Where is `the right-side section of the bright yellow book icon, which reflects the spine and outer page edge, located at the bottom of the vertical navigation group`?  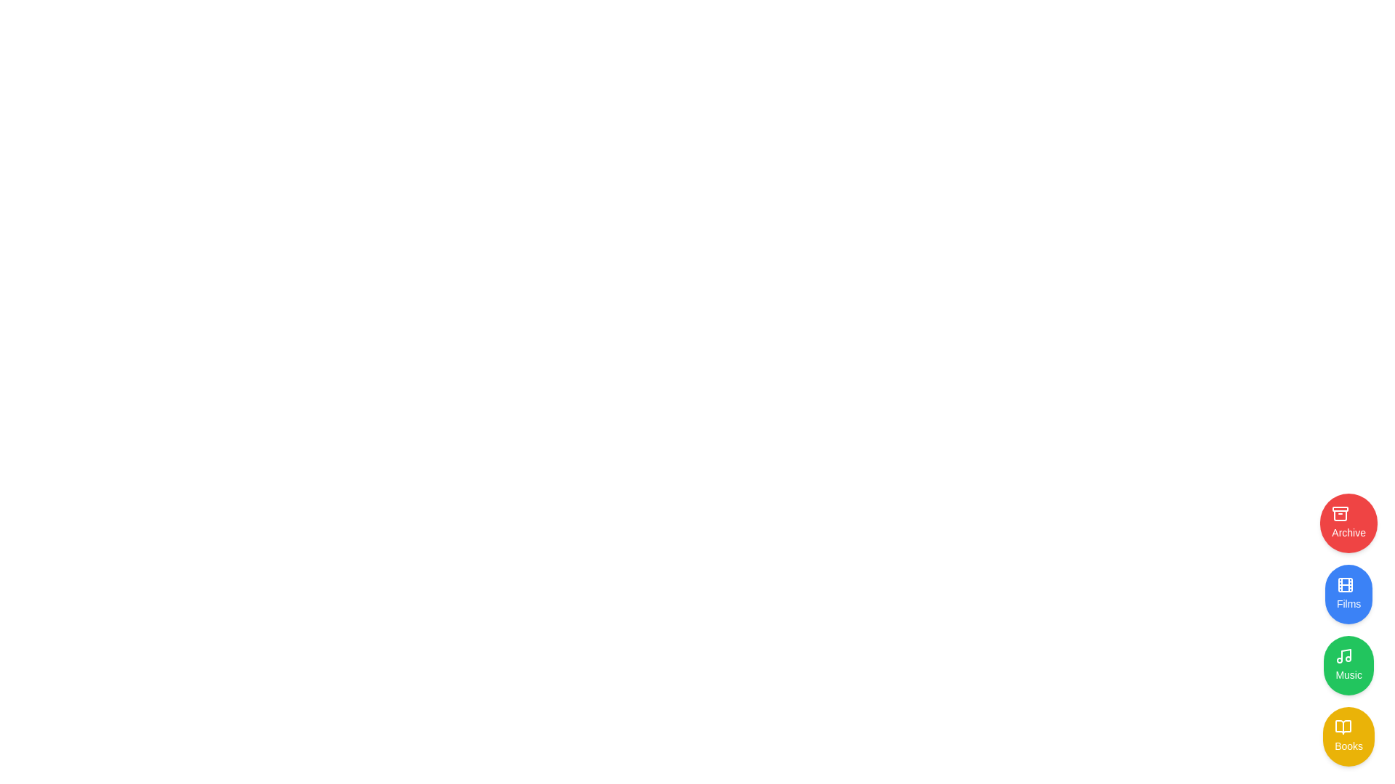
the right-side section of the bright yellow book icon, which reflects the spine and outer page edge, located at the bottom of the vertical navigation group is located at coordinates (1343, 727).